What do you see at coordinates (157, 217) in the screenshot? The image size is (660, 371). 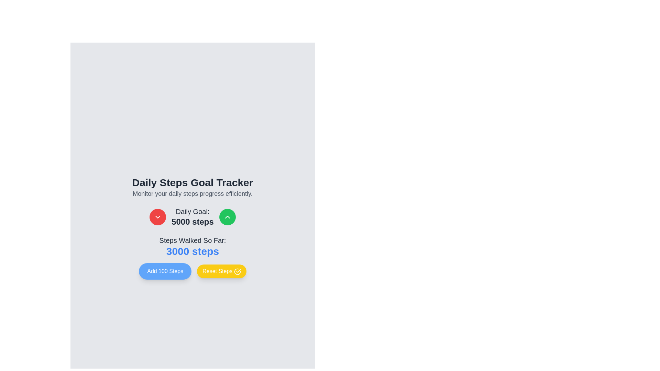 I see `the button to decrease the daily goal value, which is located to the left of the text 'Daily Goal: 5000 steps'` at bounding box center [157, 217].